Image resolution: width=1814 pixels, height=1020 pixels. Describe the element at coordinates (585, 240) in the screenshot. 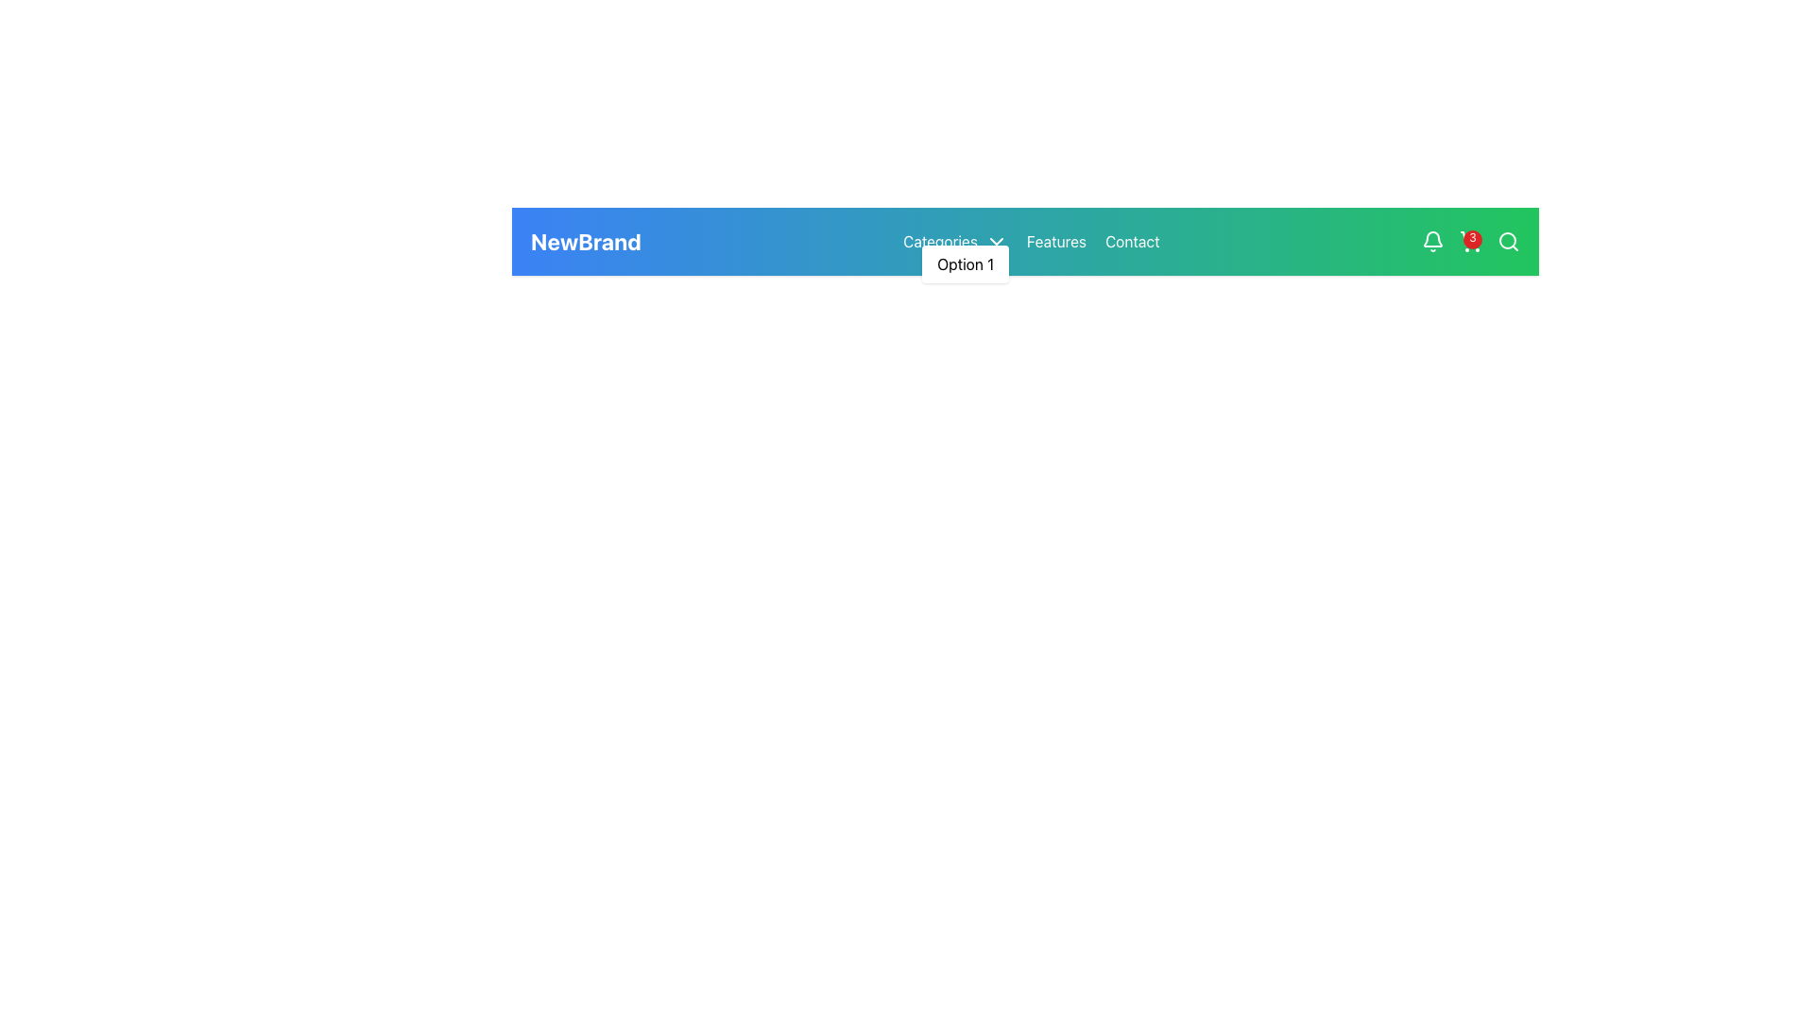

I see `the branding label 'NewBrand' located at the top navigation bar, which is the first item aligned to the far left, preceding other menu options` at that location.